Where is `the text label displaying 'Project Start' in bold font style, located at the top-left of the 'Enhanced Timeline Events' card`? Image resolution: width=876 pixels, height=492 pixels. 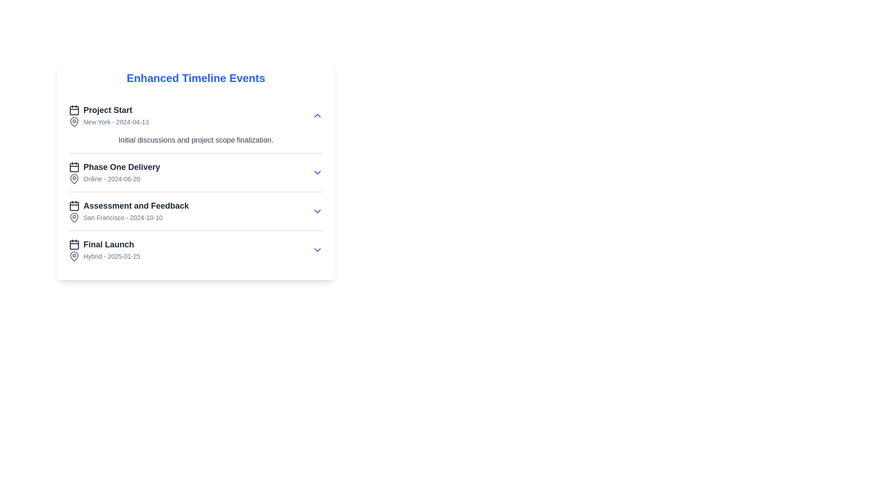 the text label displaying 'Project Start' in bold font style, located at the top-left of the 'Enhanced Timeline Events' card is located at coordinates (109, 110).